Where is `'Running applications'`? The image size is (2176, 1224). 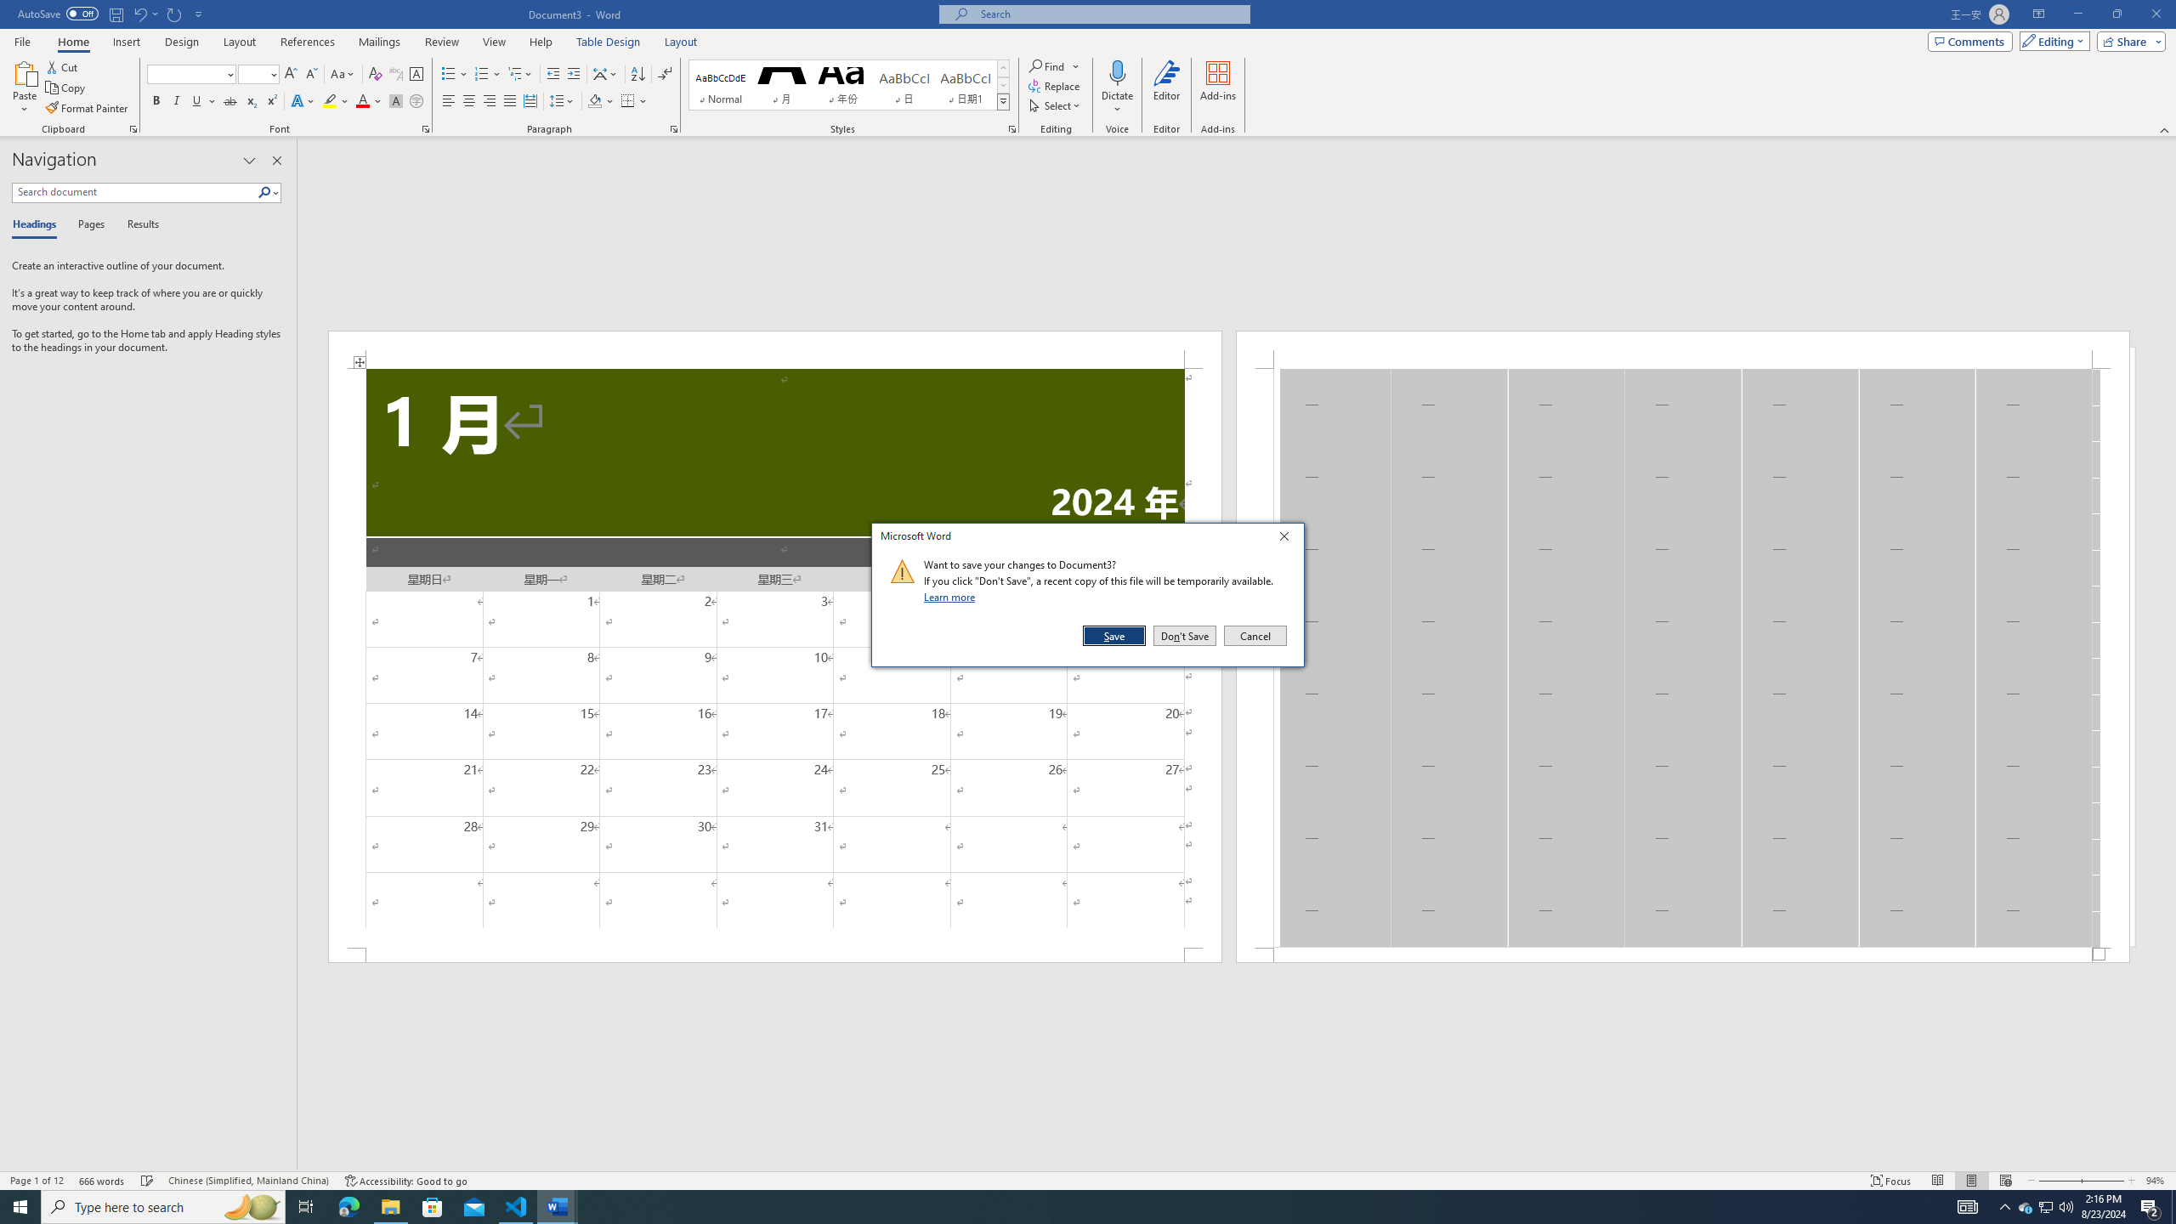
'Running applications' is located at coordinates (1072, 1205).